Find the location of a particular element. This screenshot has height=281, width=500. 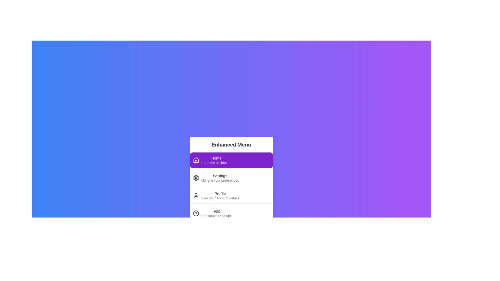

the house icon, which is located to the immediate left of the 'Home' text label in the first menu item of the list is located at coordinates (196, 159).